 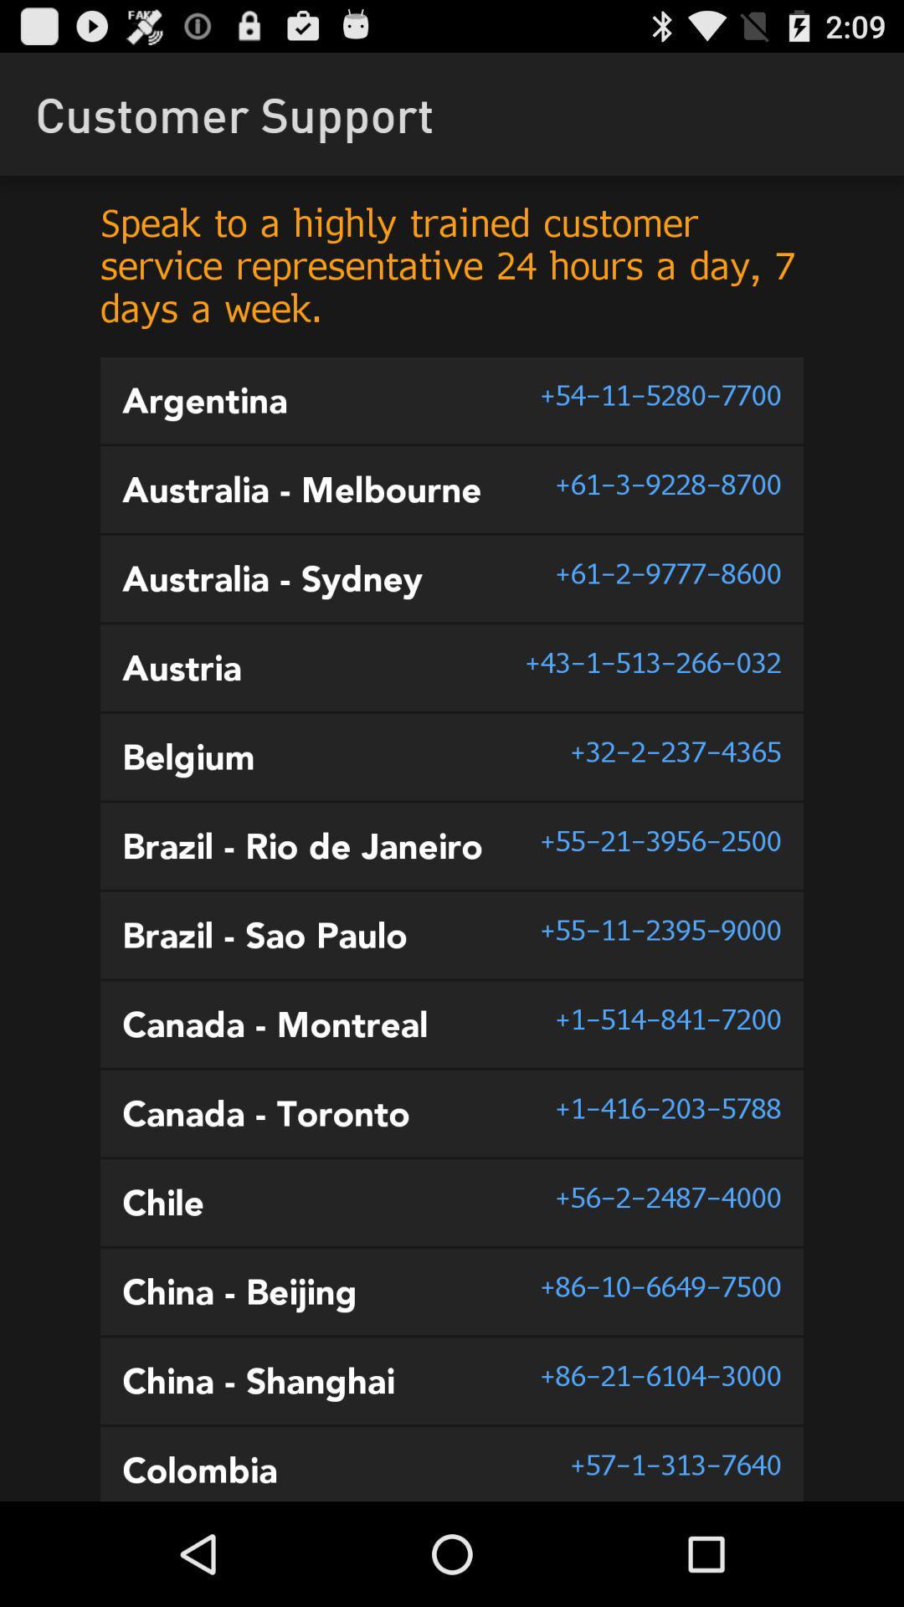 What do you see at coordinates (660, 929) in the screenshot?
I see `icon above the 1 514 841` at bounding box center [660, 929].